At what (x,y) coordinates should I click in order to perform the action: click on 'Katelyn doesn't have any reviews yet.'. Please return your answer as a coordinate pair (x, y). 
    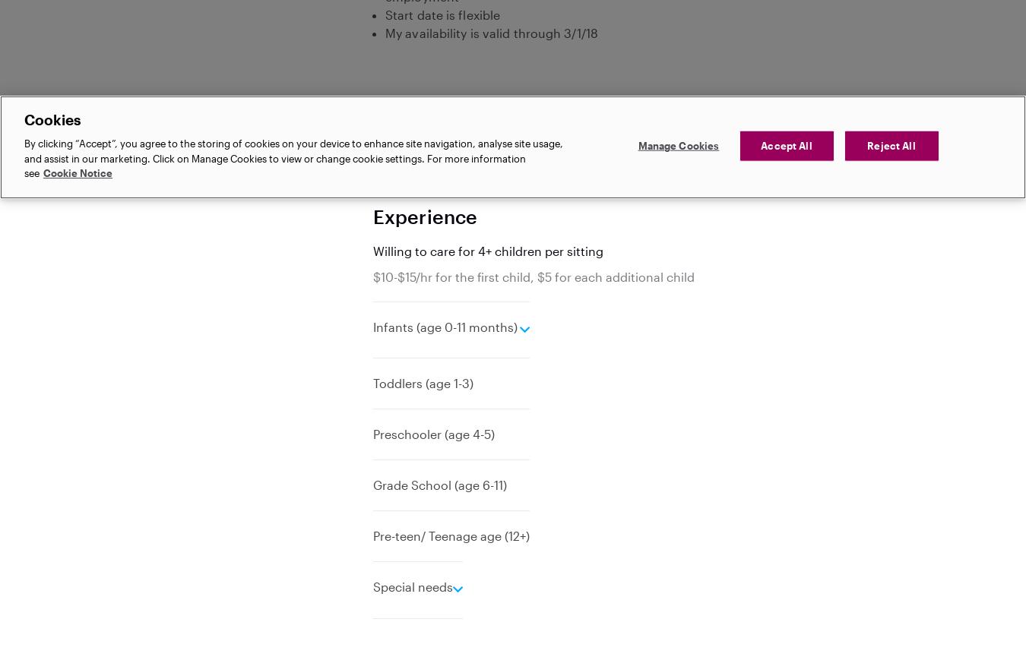
    Looking at the image, I should click on (372, 180).